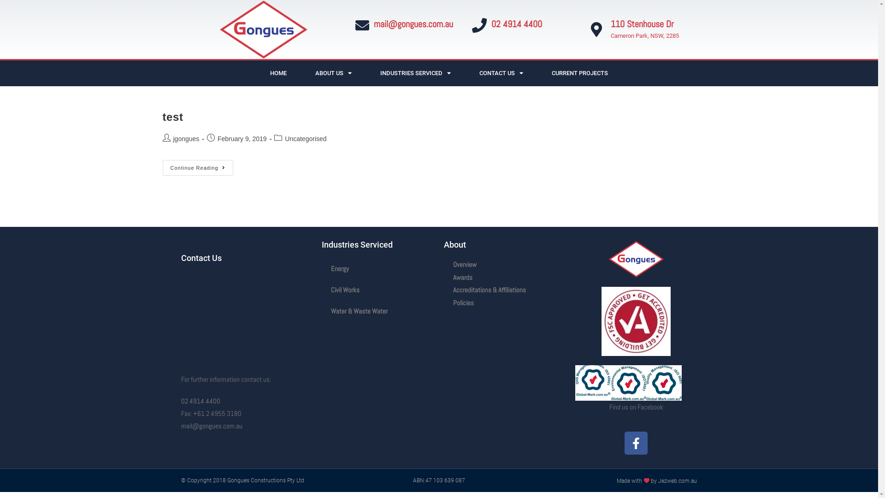 This screenshot has height=498, width=885. I want to click on 'test', so click(172, 116).